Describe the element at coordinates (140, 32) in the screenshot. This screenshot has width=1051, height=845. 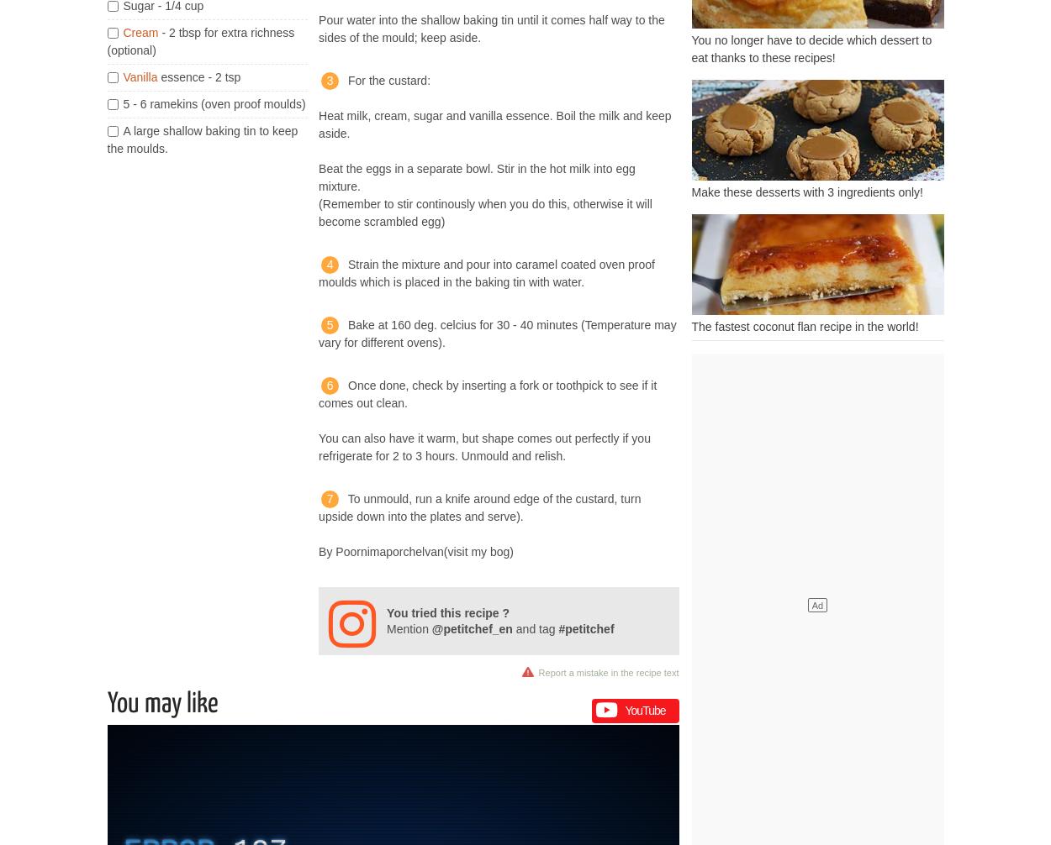
I see `'Cream'` at that location.